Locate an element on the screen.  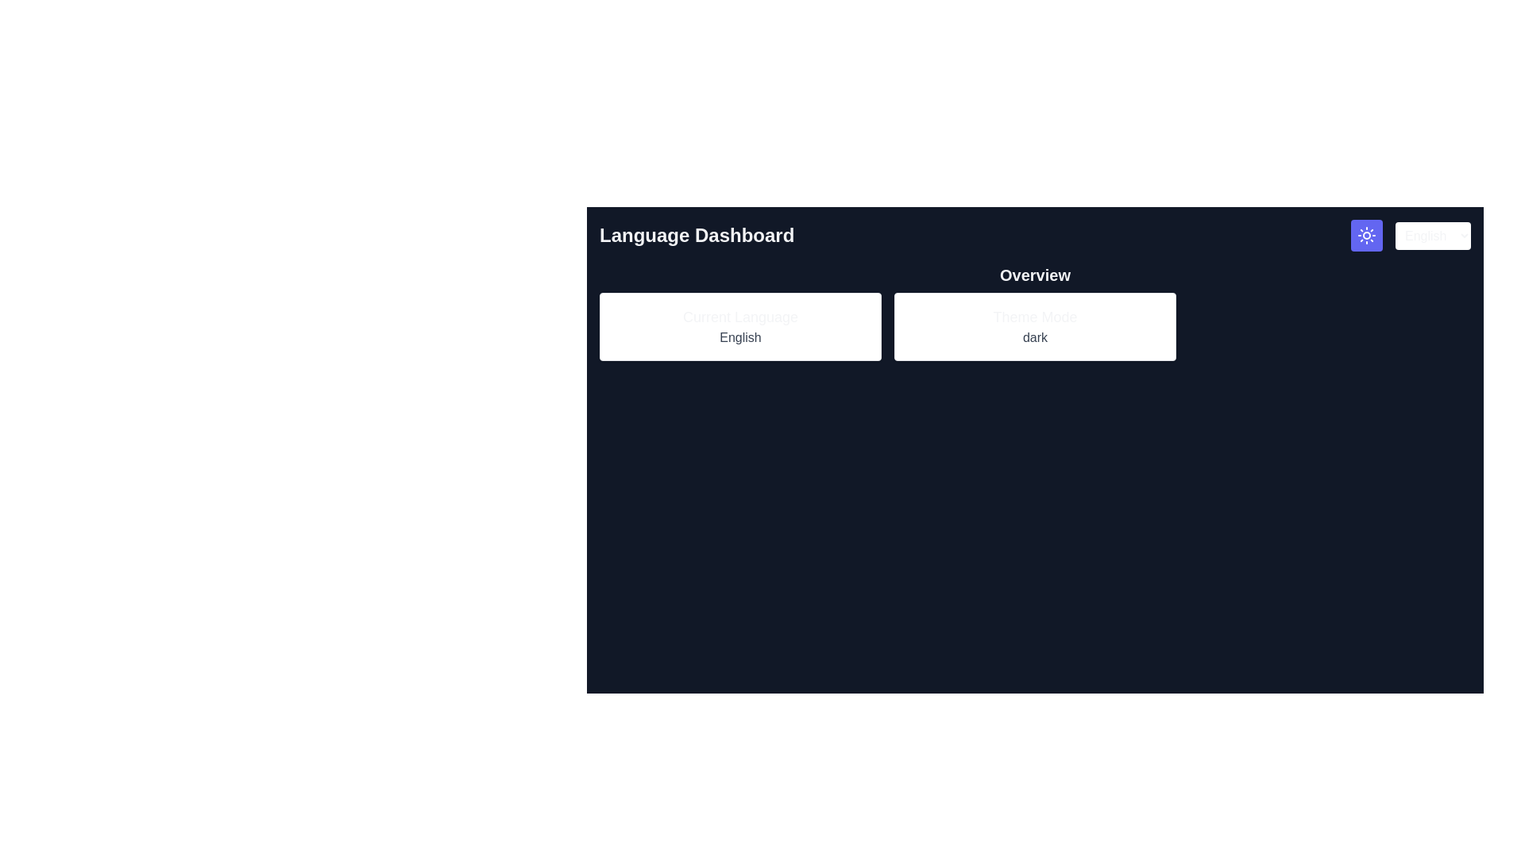
the text label displaying 'English' which is styled in gray and is located below the 'Current Language' label is located at coordinates (739, 336).